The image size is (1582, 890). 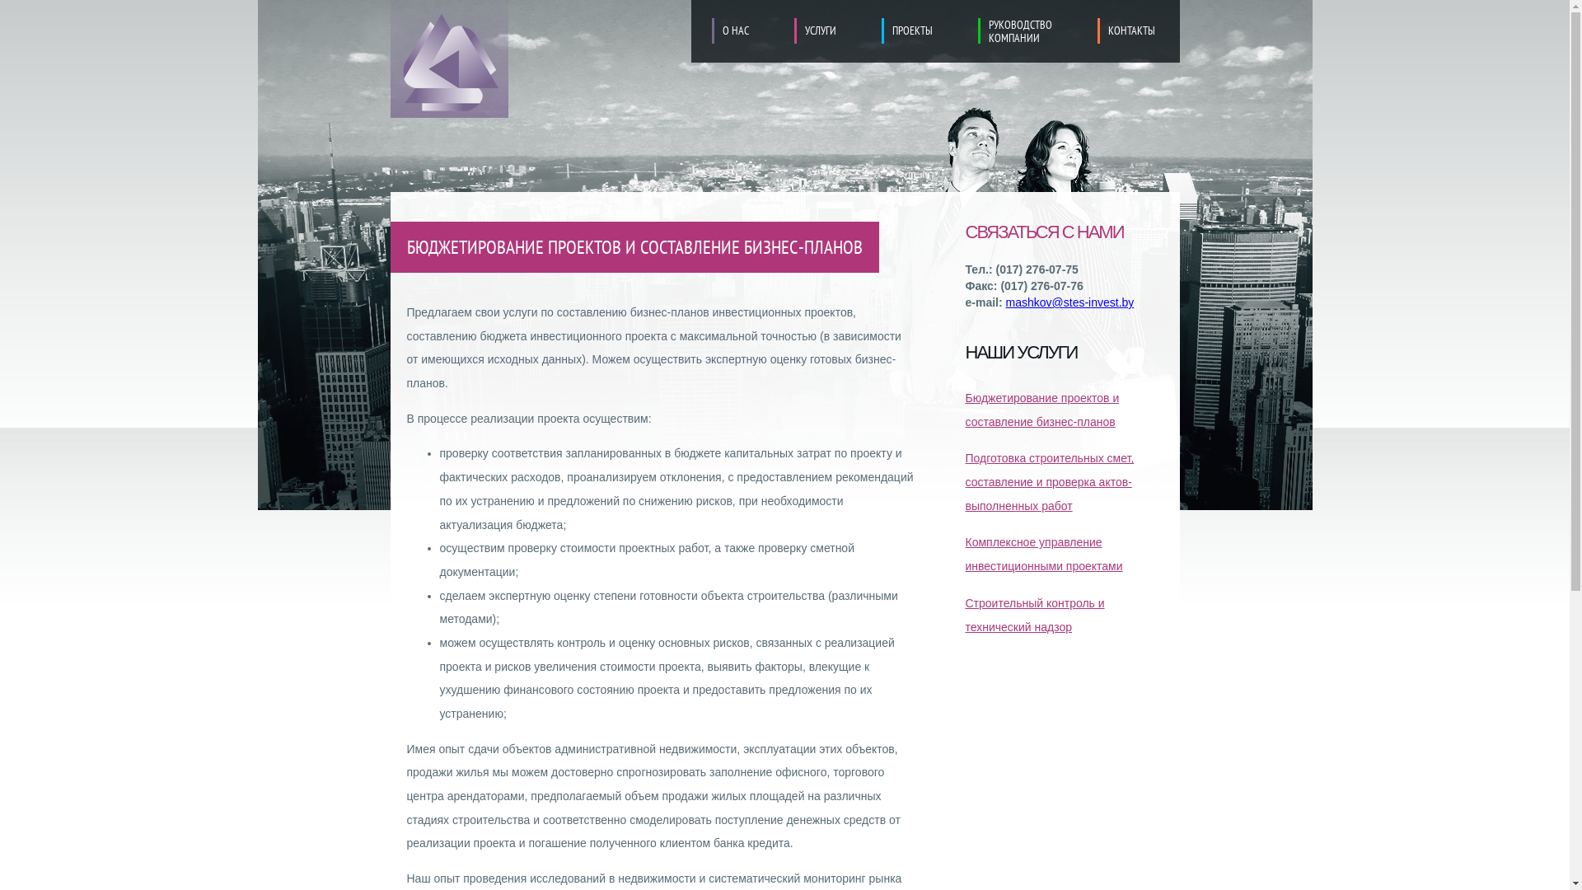 What do you see at coordinates (1004, 302) in the screenshot?
I see `'mashkov@stes-invest.by'` at bounding box center [1004, 302].